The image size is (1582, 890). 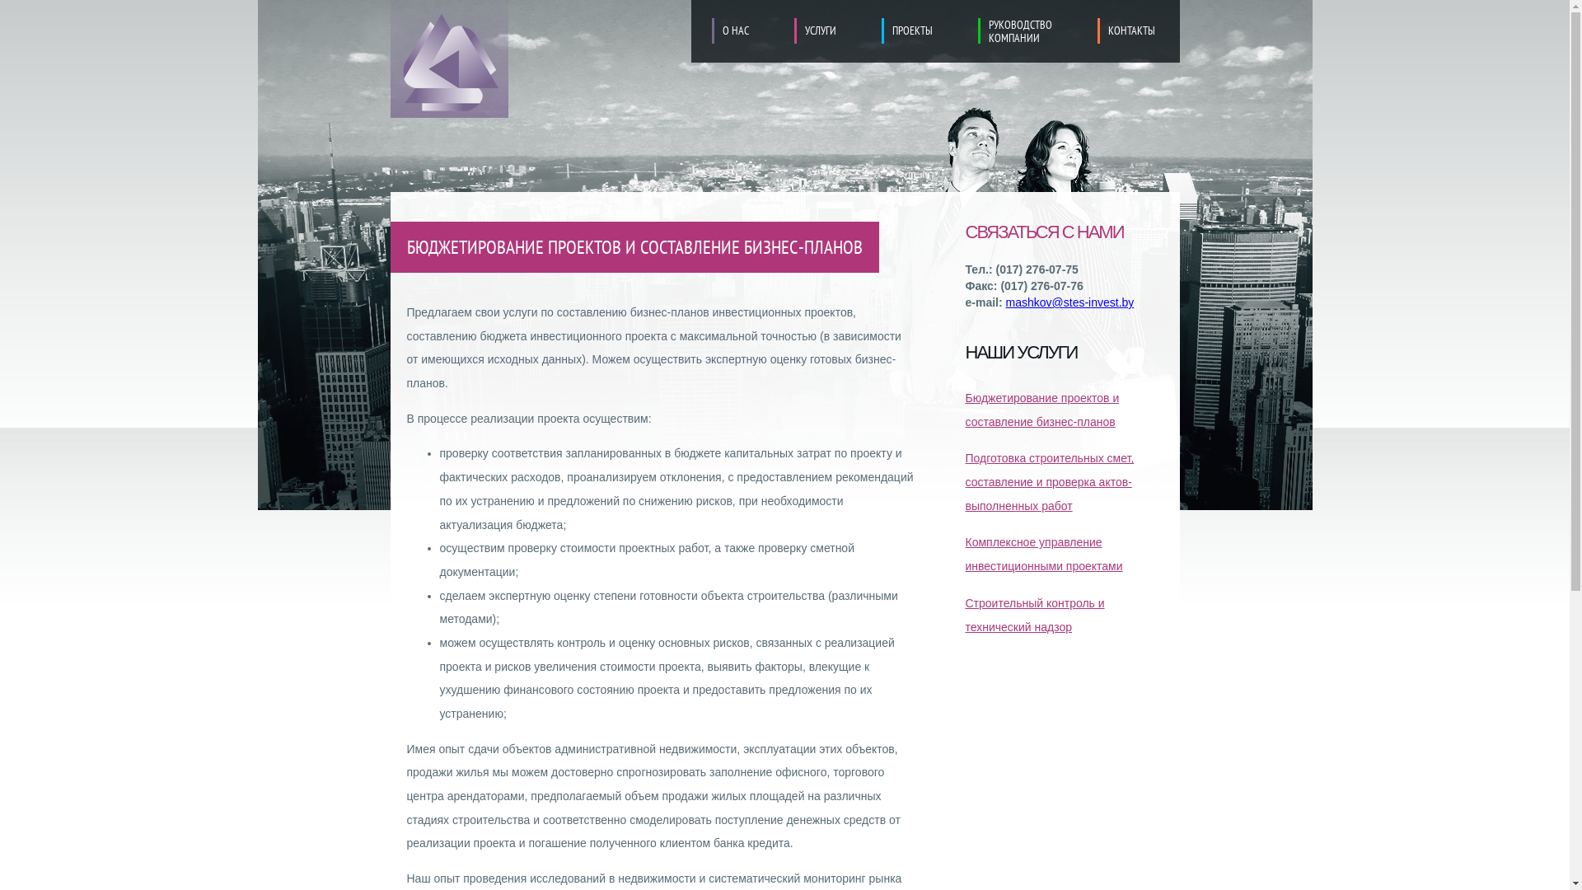 What do you see at coordinates (1004, 302) in the screenshot?
I see `'mashkov@stes-invest.by'` at bounding box center [1004, 302].